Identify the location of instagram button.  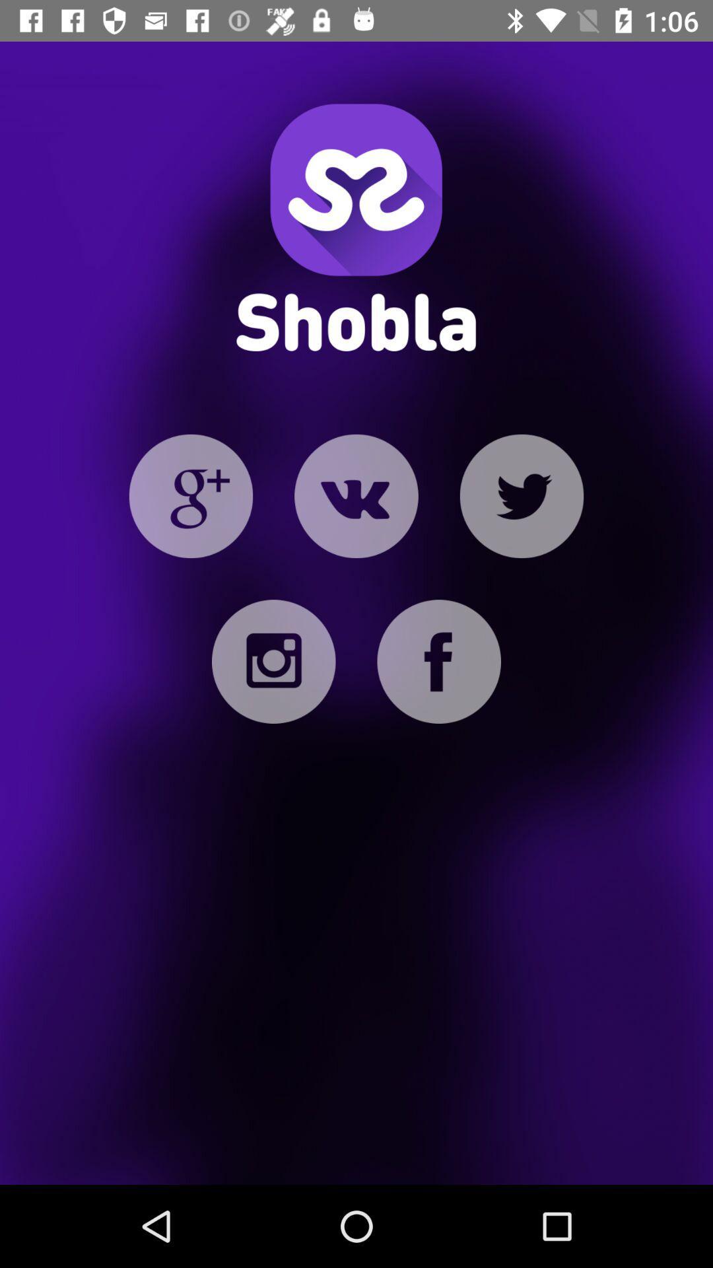
(273, 662).